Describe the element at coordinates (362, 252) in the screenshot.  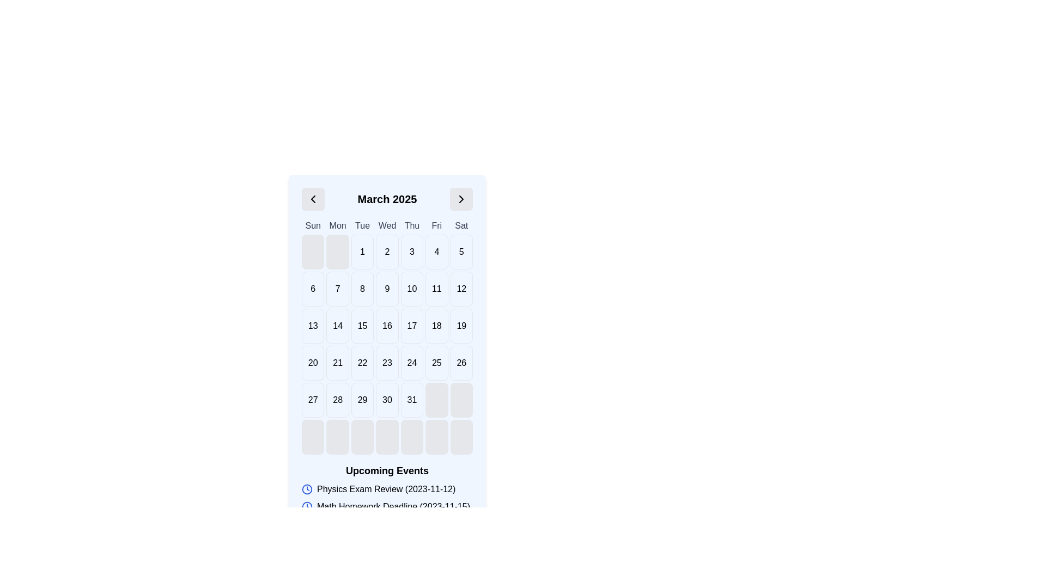
I see `the Calendar day tile displaying the number '1'` at that location.